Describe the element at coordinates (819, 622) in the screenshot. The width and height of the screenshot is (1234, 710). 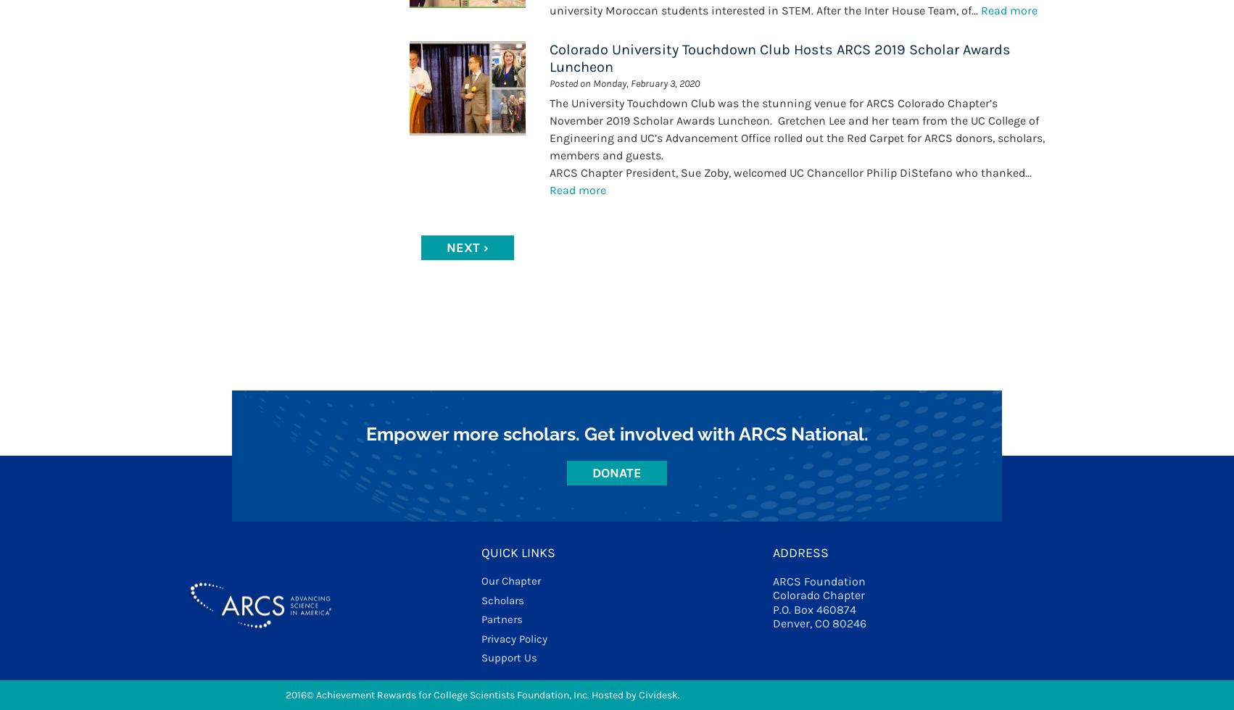
I see `'Denver, CO 80246'` at that location.